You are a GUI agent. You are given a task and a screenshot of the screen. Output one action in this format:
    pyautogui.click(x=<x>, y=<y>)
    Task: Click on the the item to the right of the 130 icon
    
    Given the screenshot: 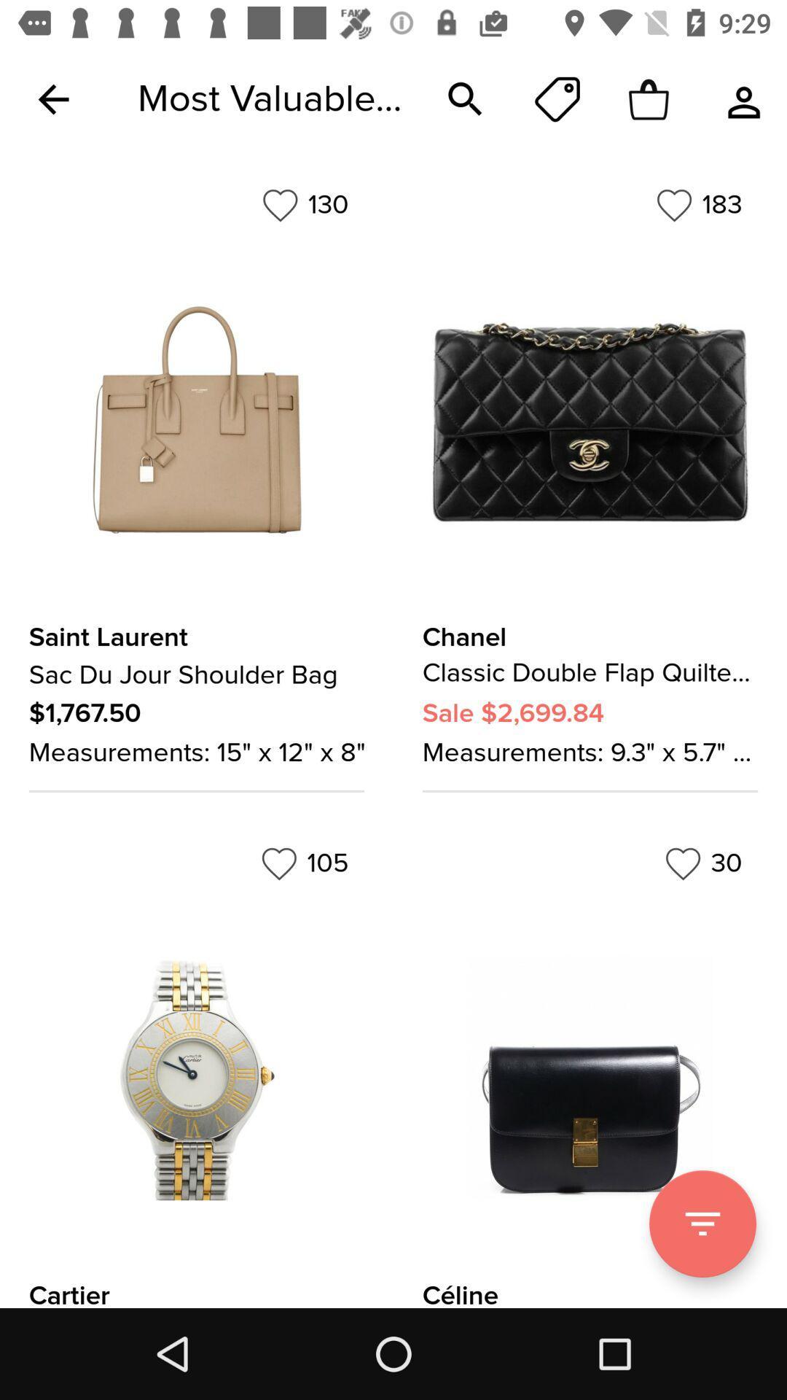 What is the action you would take?
    pyautogui.click(x=698, y=204)
    